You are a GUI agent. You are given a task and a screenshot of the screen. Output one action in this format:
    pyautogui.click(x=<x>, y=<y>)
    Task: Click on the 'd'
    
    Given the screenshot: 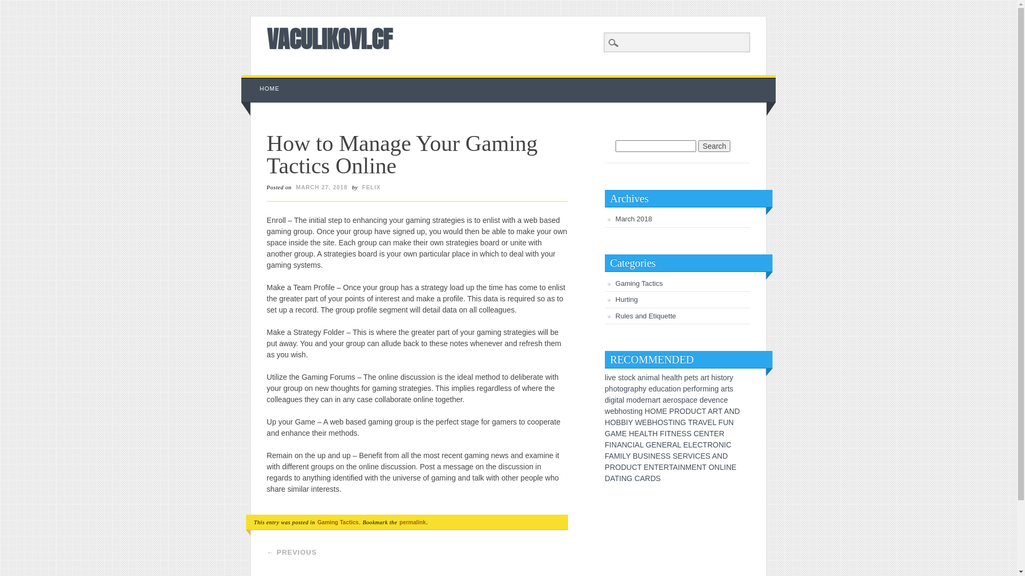 What is the action you would take?
    pyautogui.click(x=637, y=399)
    